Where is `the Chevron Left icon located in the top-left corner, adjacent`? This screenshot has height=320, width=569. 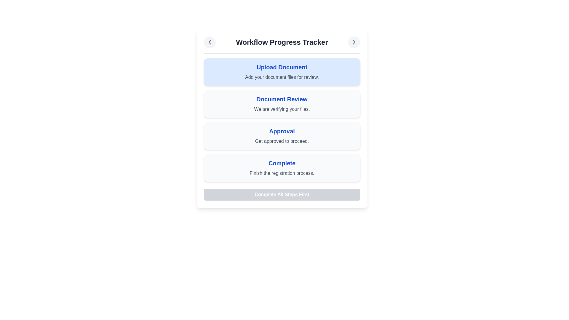
the Chevron Left icon located in the top-left corner, adjacent is located at coordinates (210, 42).